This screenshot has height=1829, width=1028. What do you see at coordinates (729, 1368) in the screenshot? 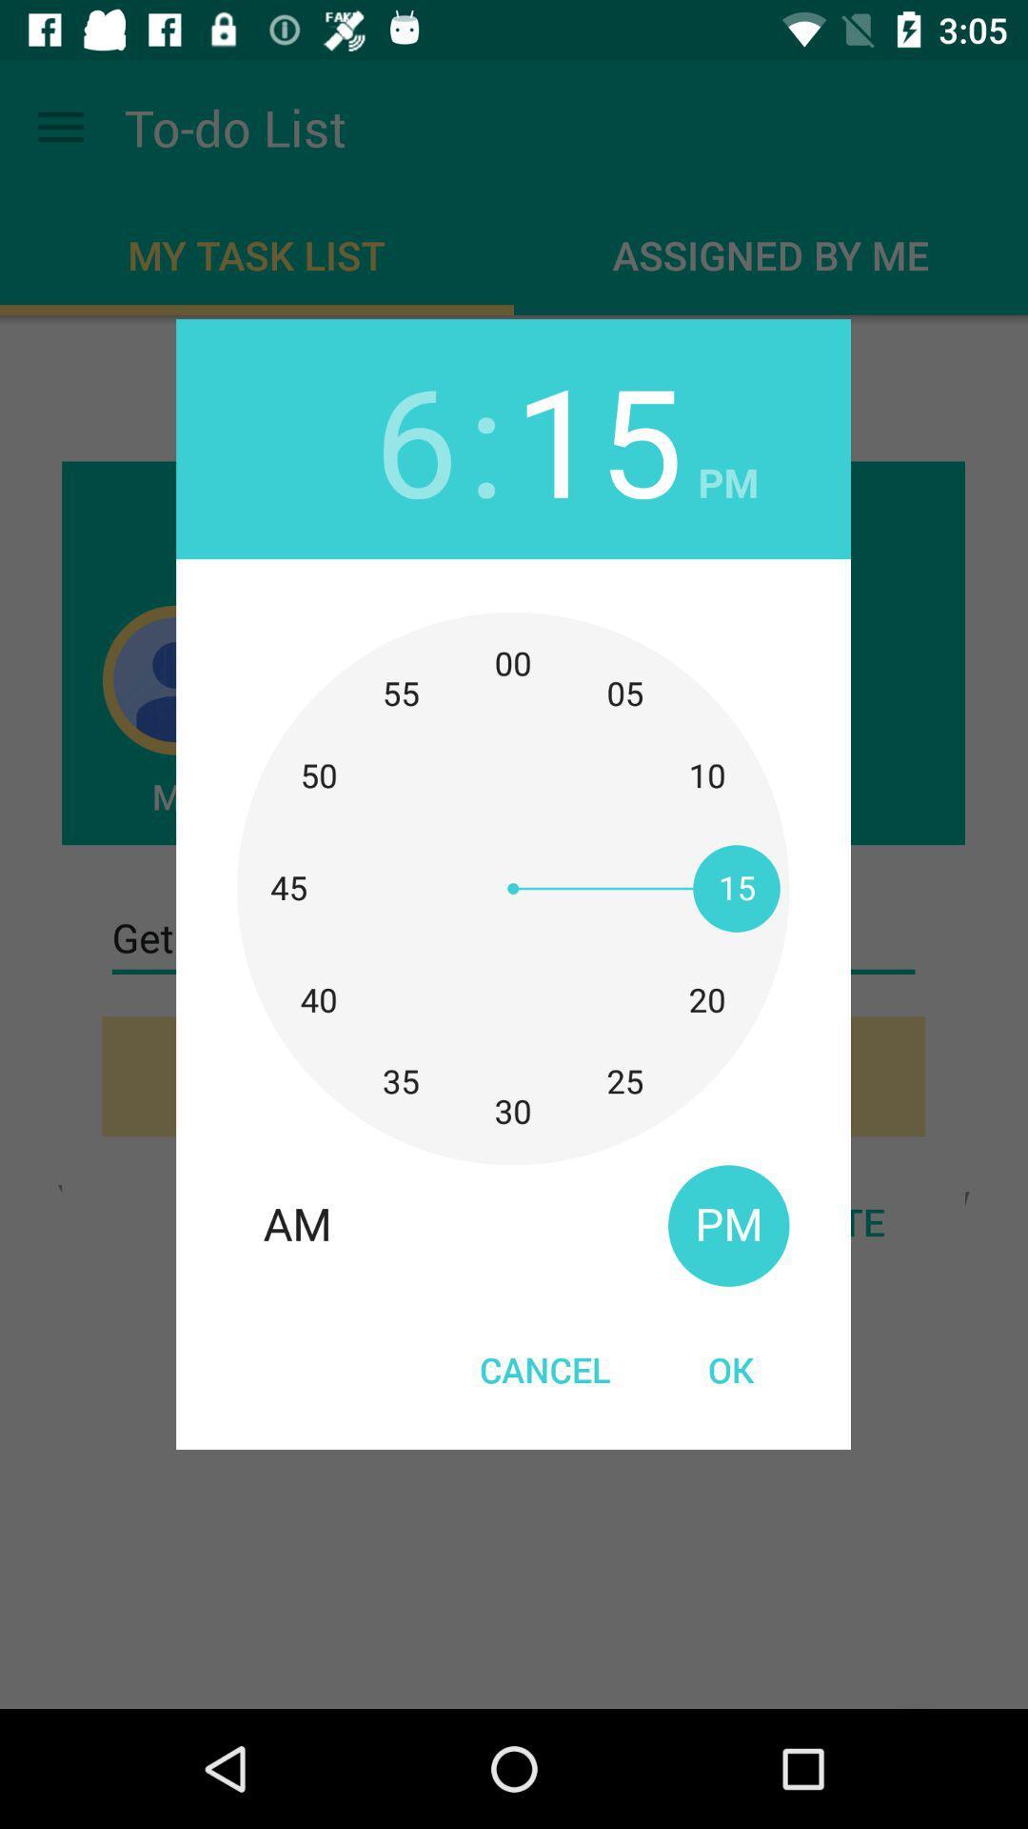
I see `ok at the bottom right corner` at bounding box center [729, 1368].